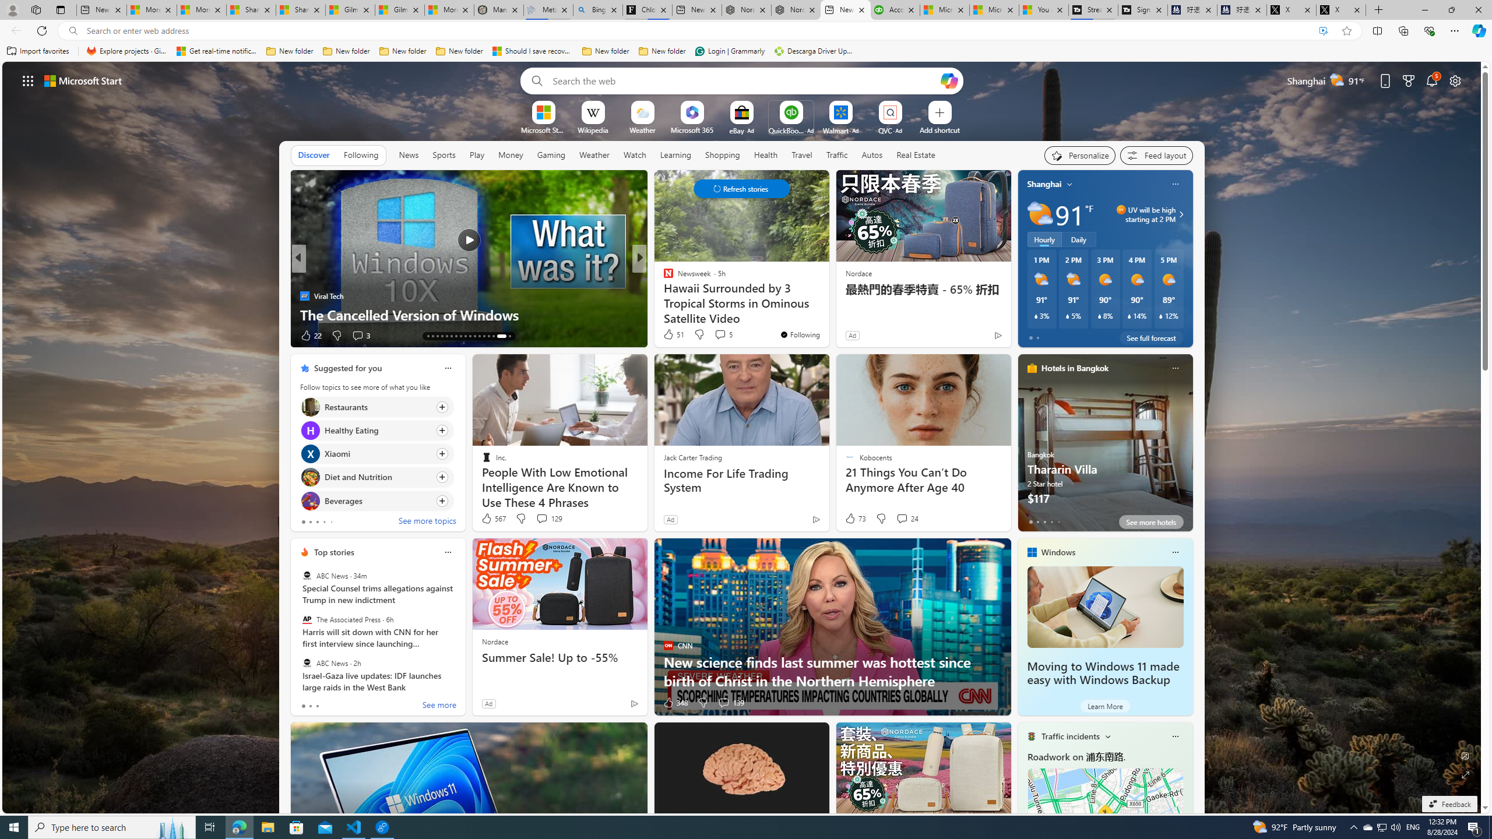 This screenshot has height=839, width=1492. I want to click on 'Descarga Driver Updater', so click(814, 51).